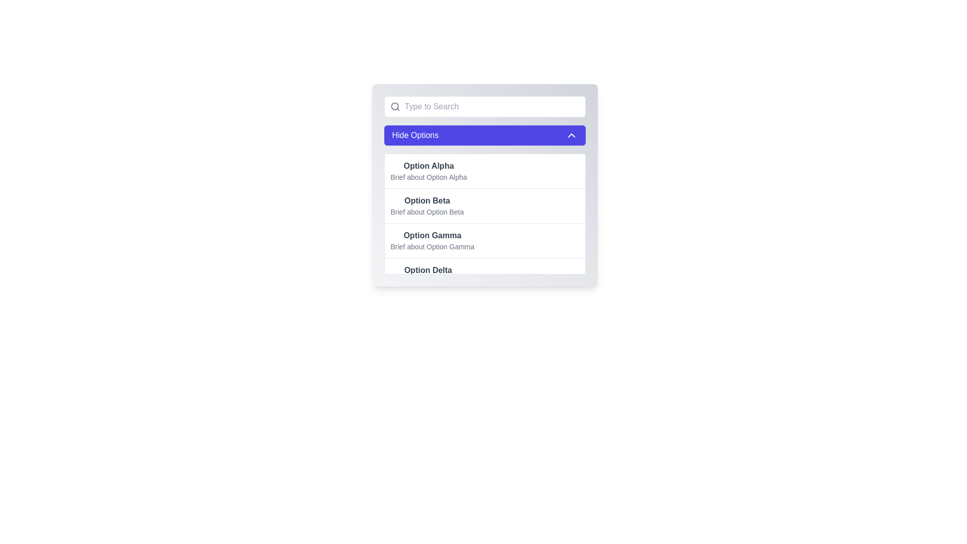 This screenshot has width=967, height=544. What do you see at coordinates (427, 200) in the screenshot?
I see `text content of the bold, large-sized label 'Option Beta' displayed in dark gray font, which is the second item in a vertical list of selectable options` at bounding box center [427, 200].